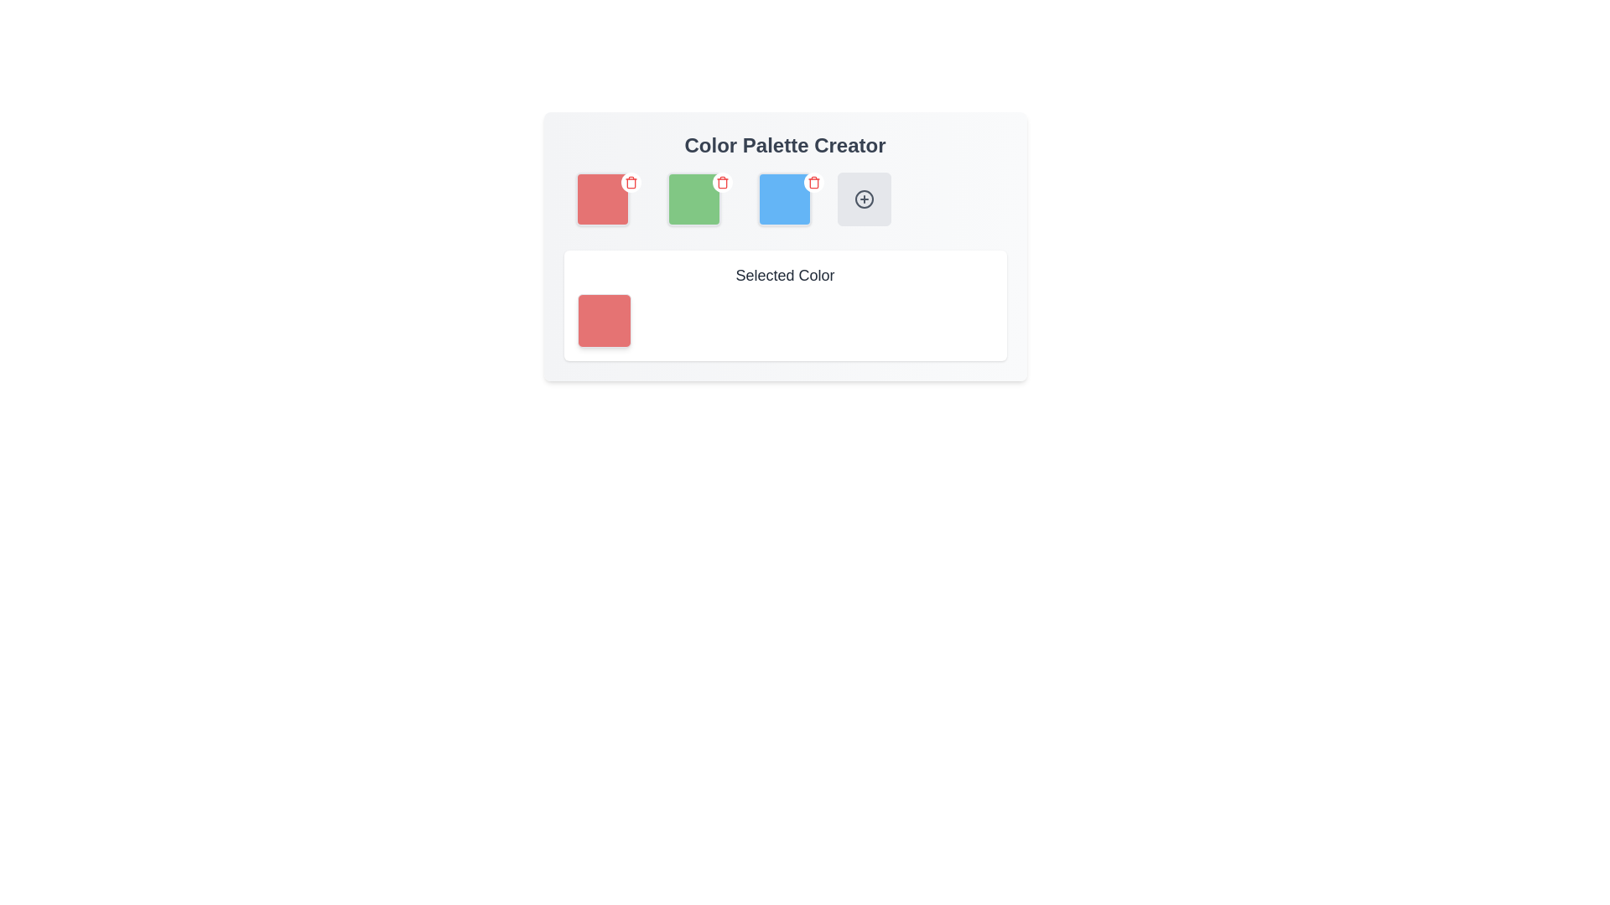 The height and width of the screenshot is (905, 1610). Describe the element at coordinates (631, 183) in the screenshot. I see `the button located at the top-right corner of the red square block, which triggers additional options for deleting the block` at that location.